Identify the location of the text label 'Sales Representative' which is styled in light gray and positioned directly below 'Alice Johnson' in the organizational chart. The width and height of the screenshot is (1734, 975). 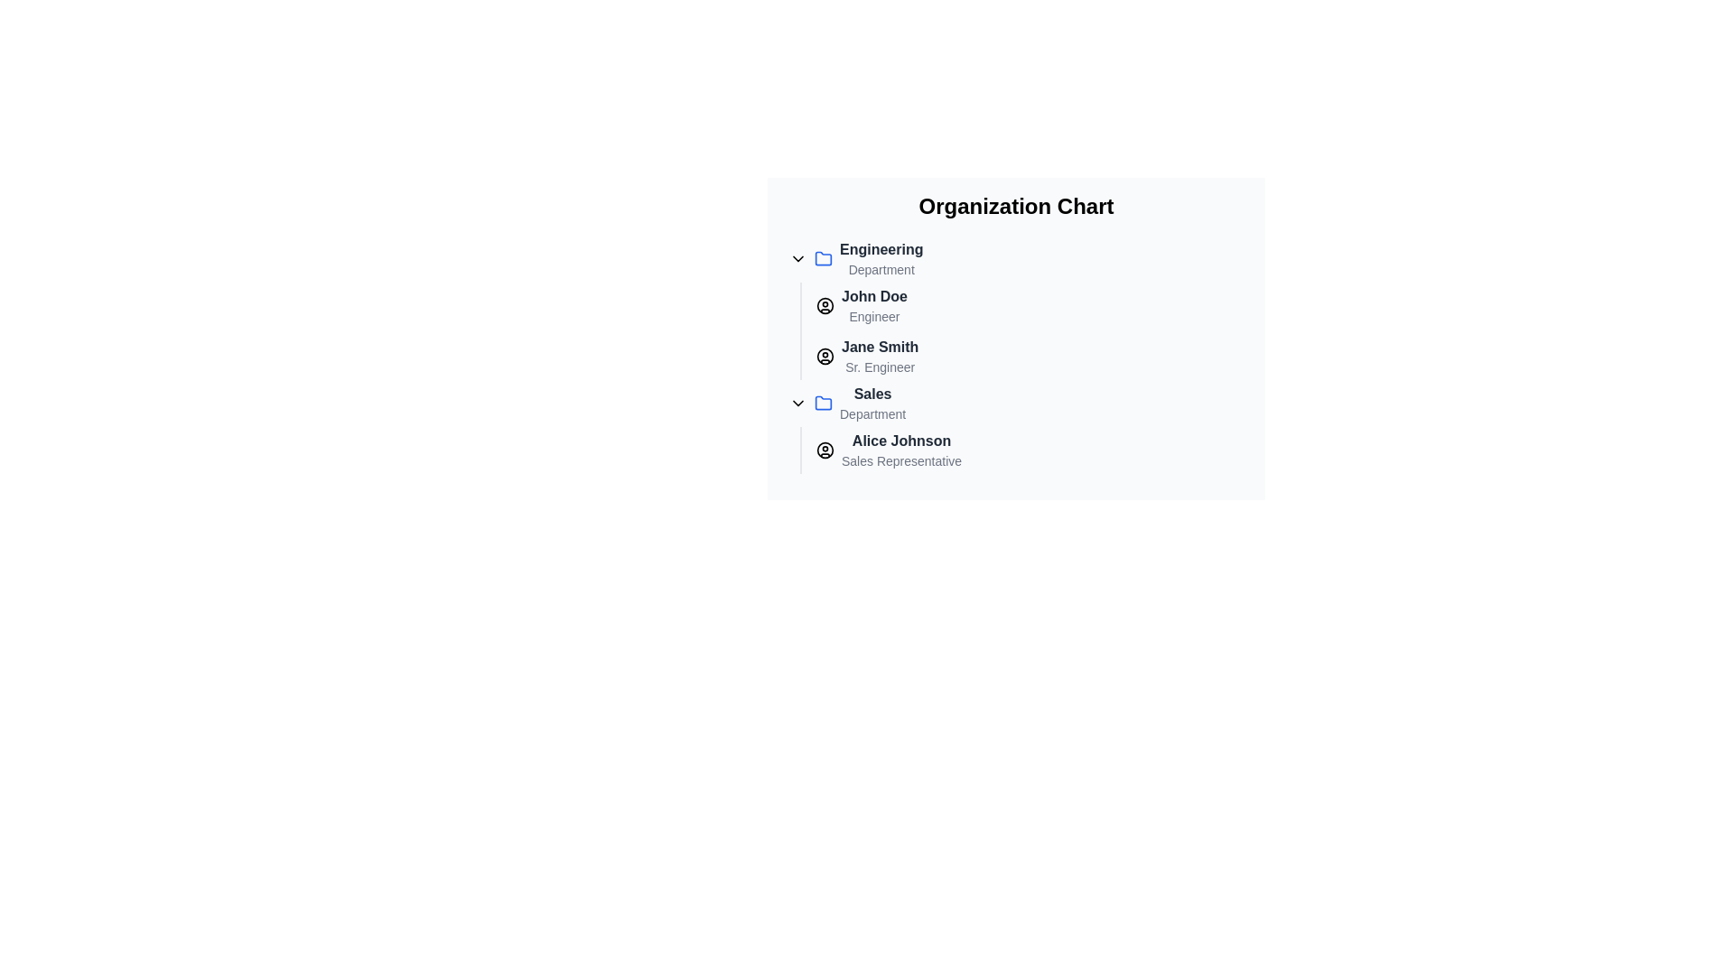
(901, 460).